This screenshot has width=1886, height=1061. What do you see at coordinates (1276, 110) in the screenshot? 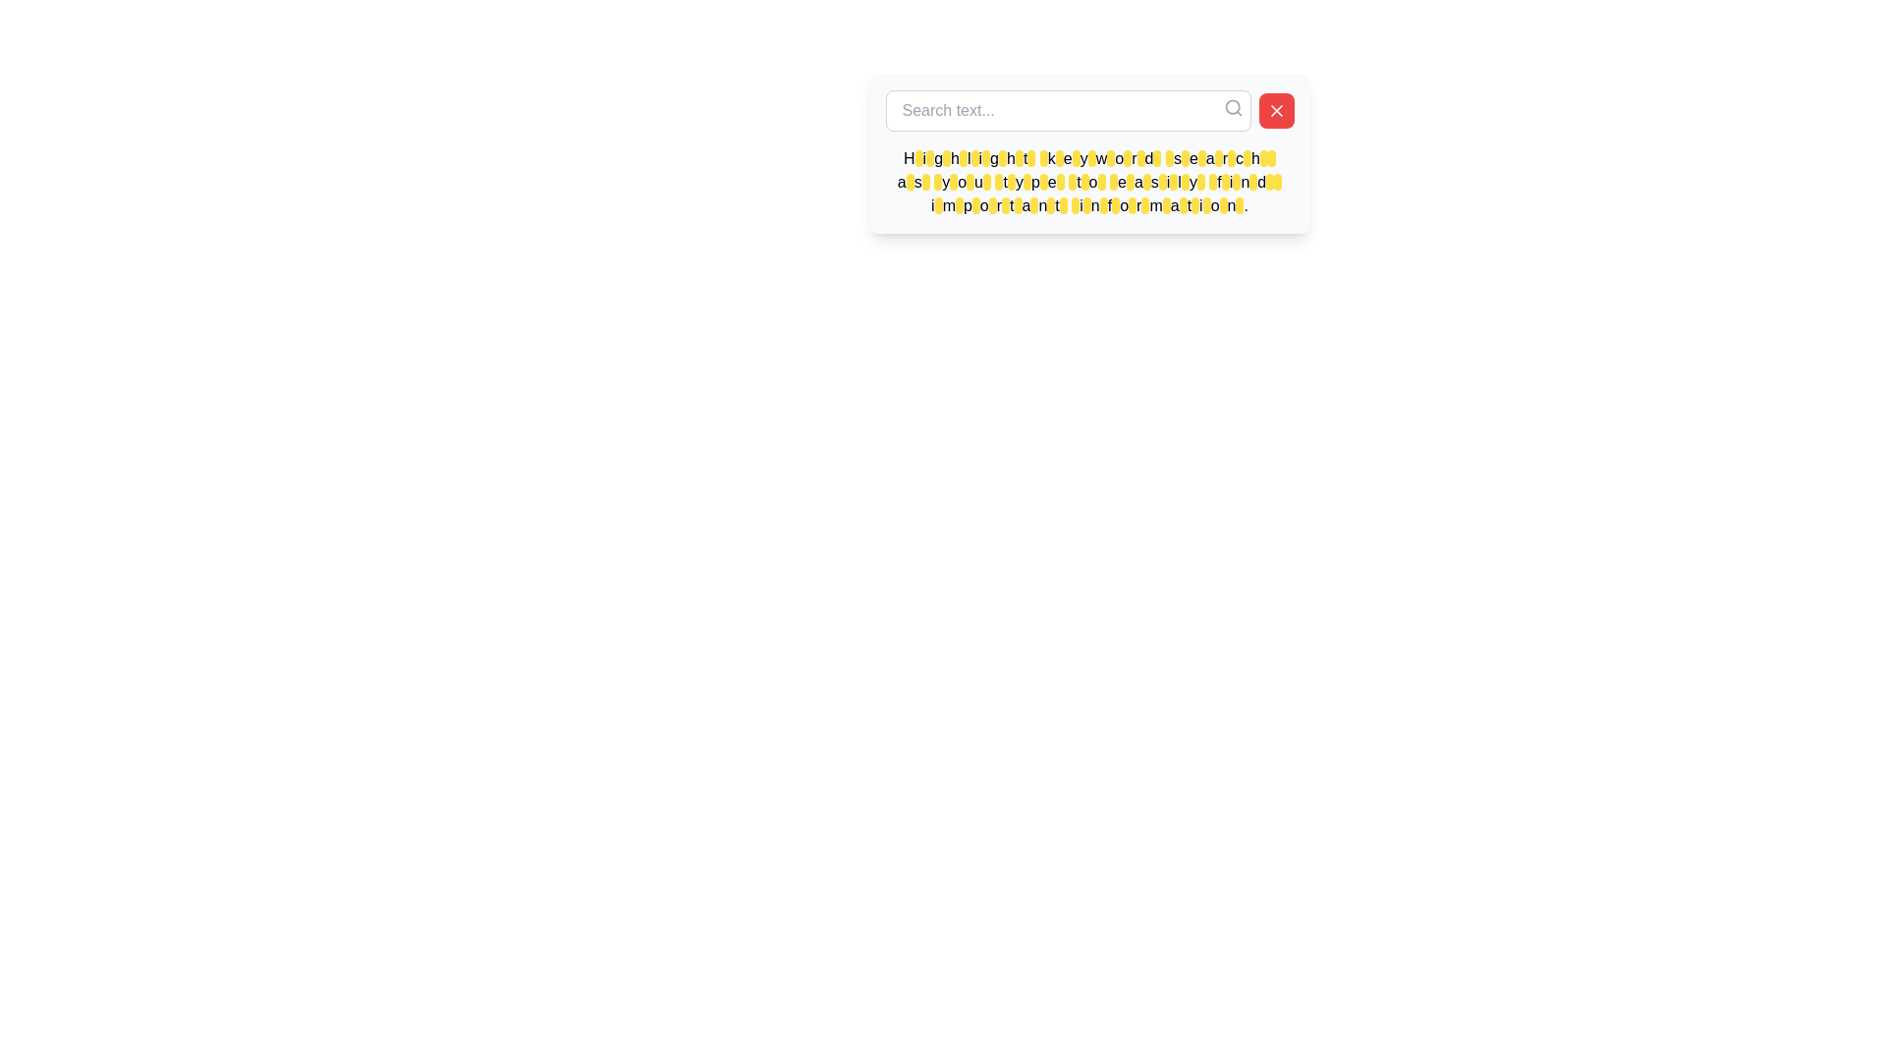
I see `the close or reset button located at the top-right corner of the search interface to clear the input` at bounding box center [1276, 110].